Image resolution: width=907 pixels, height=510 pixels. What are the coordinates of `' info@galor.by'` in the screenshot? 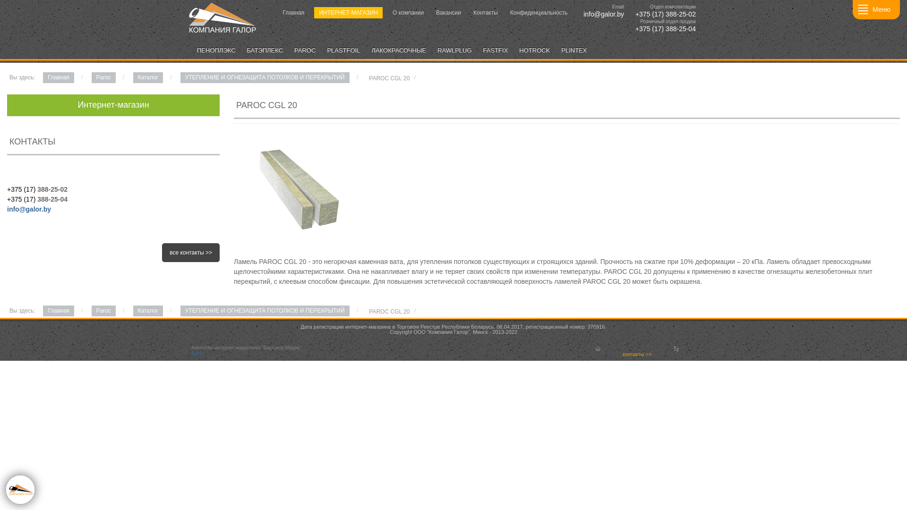 It's located at (602, 14).